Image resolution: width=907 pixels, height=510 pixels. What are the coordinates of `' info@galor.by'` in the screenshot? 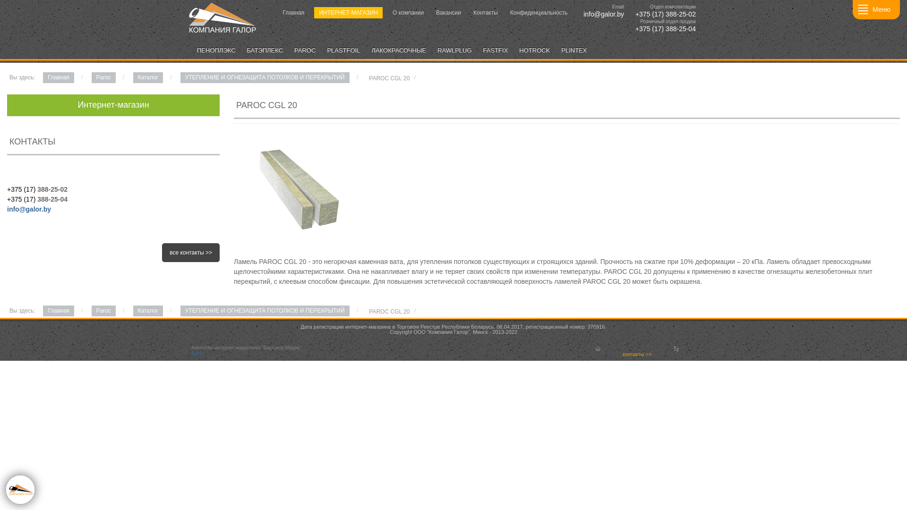 It's located at (602, 14).